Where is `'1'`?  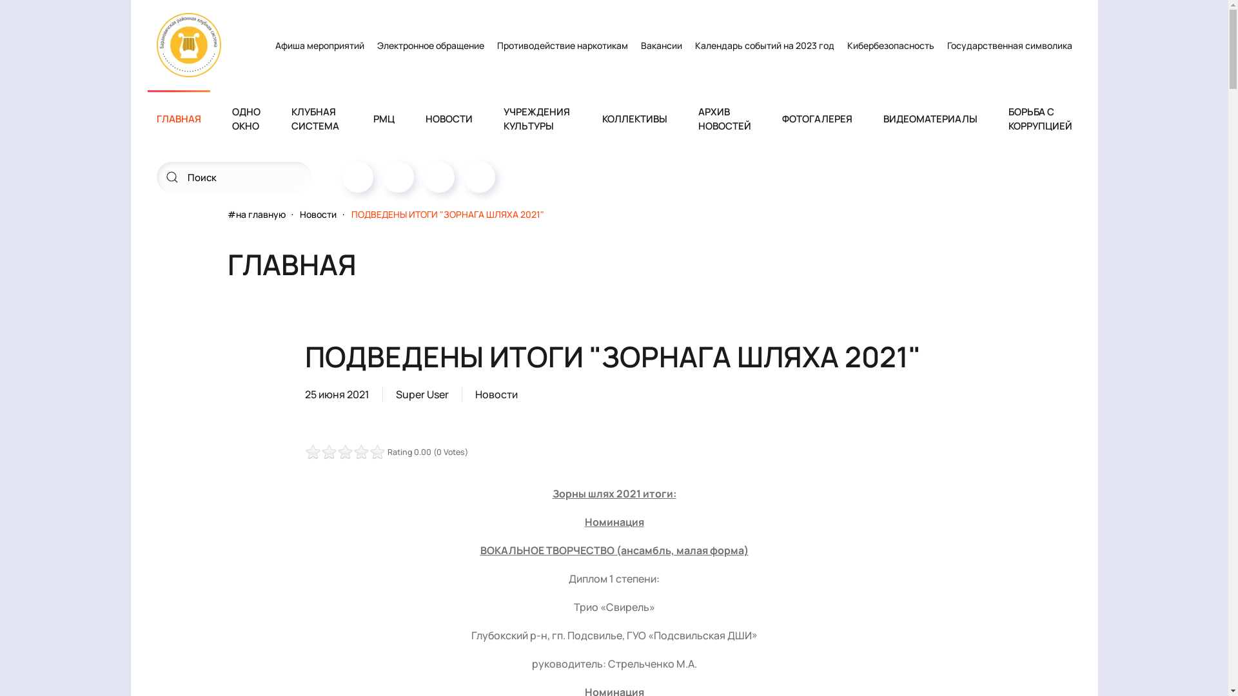 '1' is located at coordinates (303, 451).